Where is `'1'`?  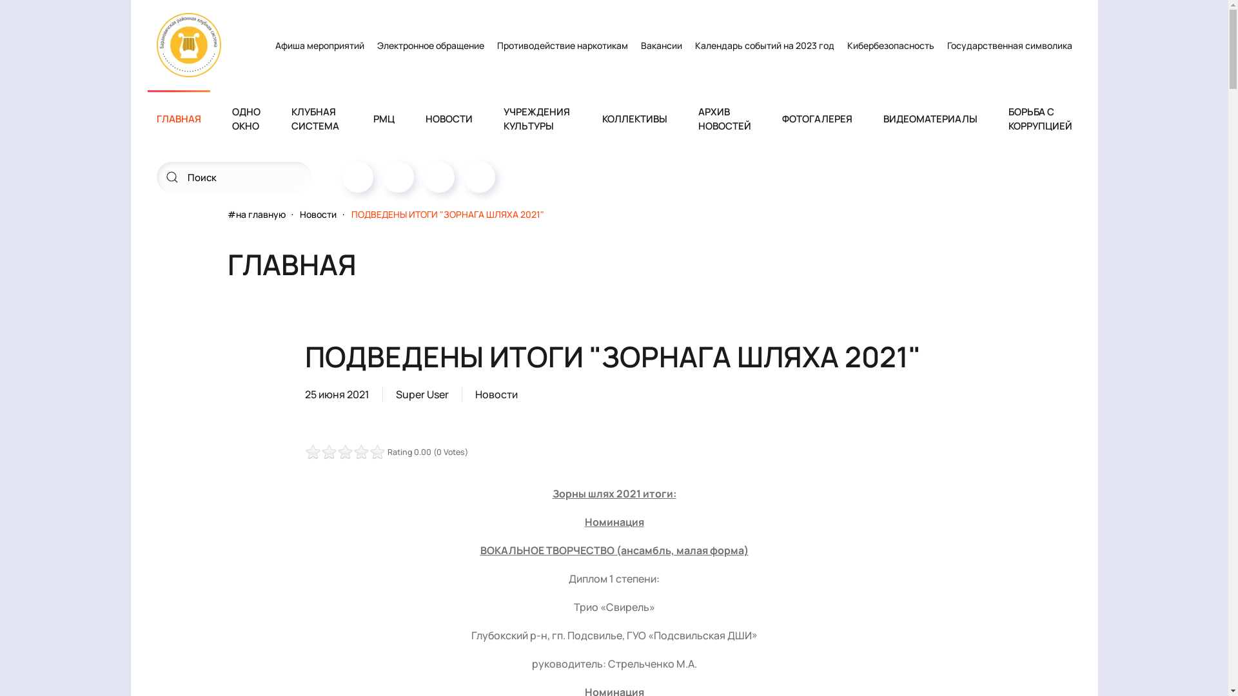 '1' is located at coordinates (303, 451).